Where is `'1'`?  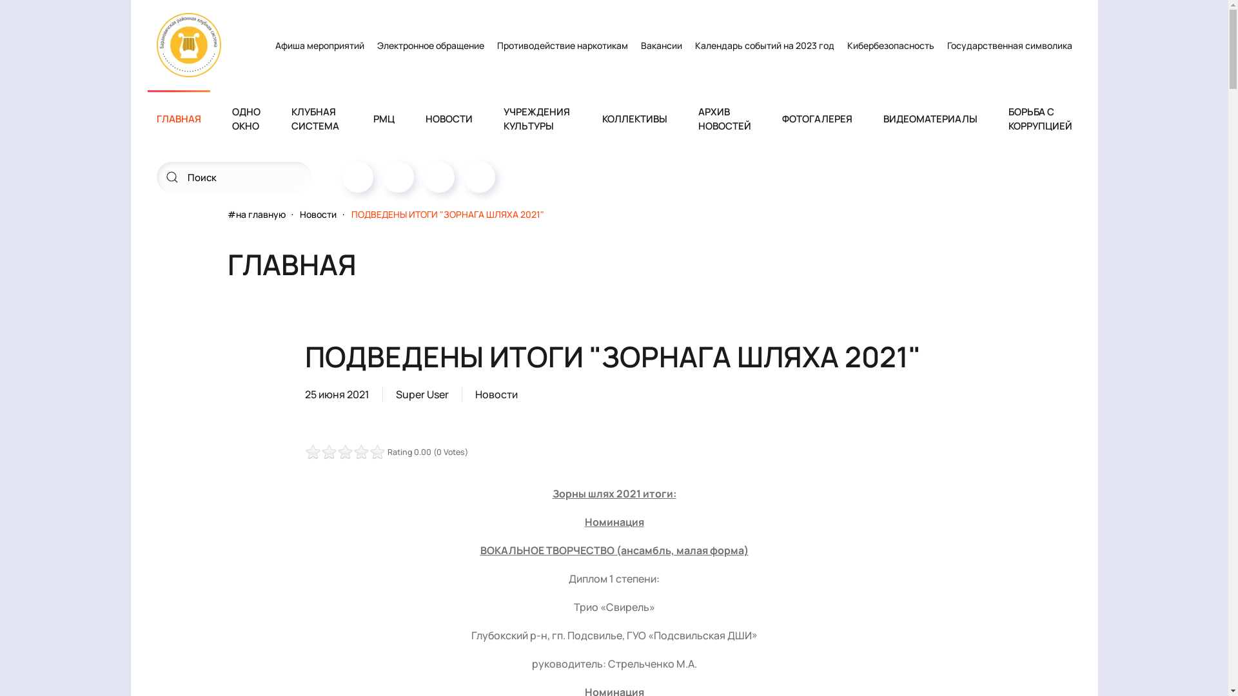 '1' is located at coordinates (303, 451).